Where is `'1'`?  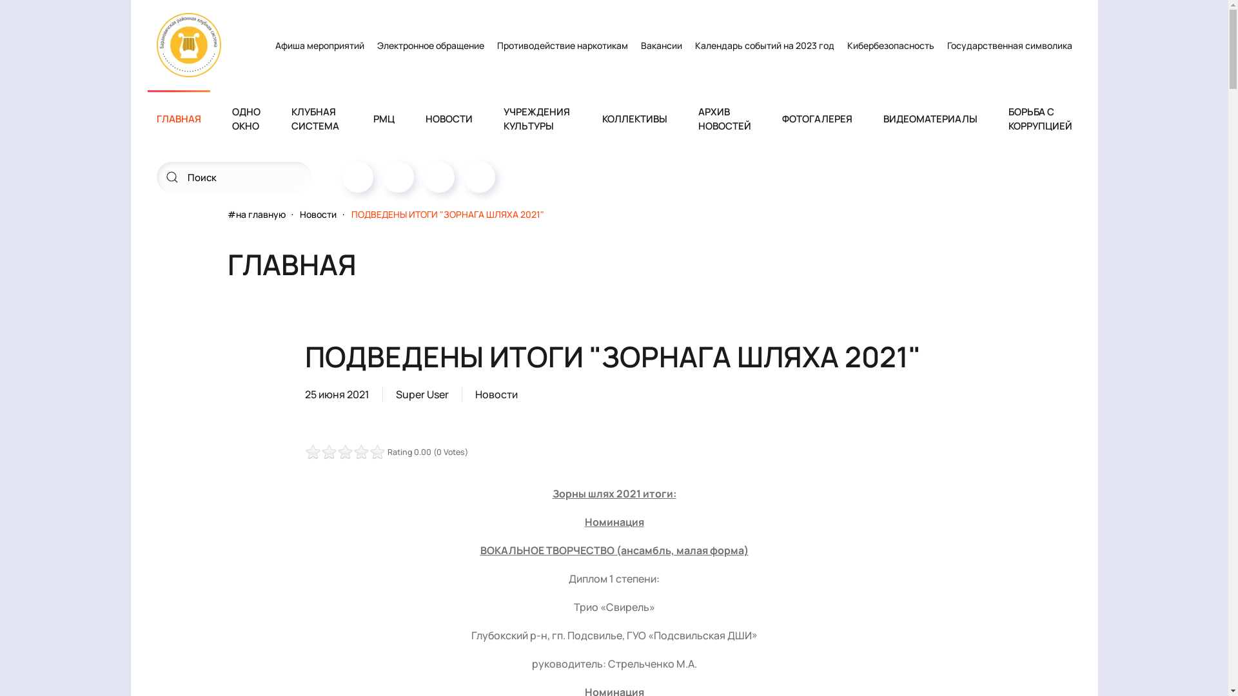 '1' is located at coordinates (303, 451).